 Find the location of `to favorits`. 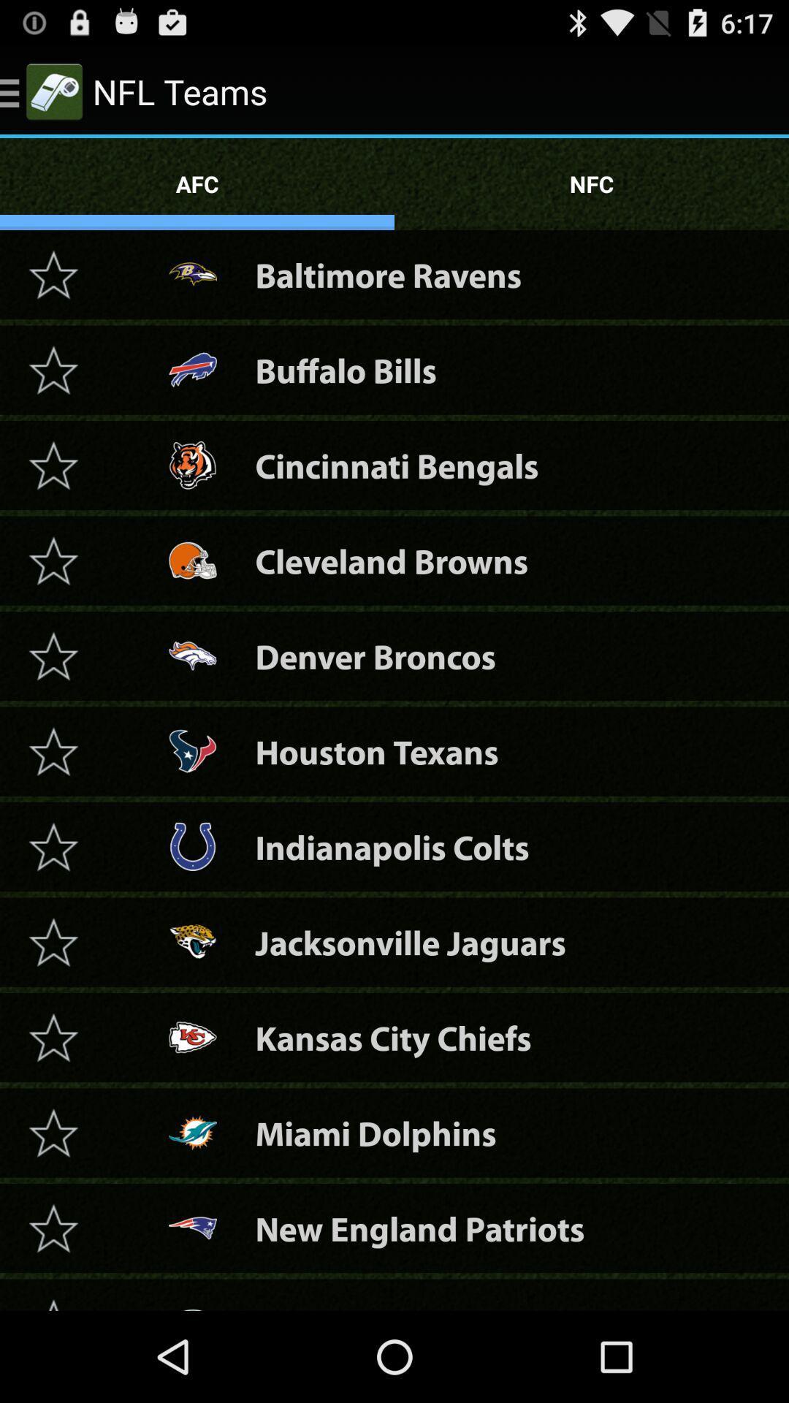

to favorits is located at coordinates (53, 942).